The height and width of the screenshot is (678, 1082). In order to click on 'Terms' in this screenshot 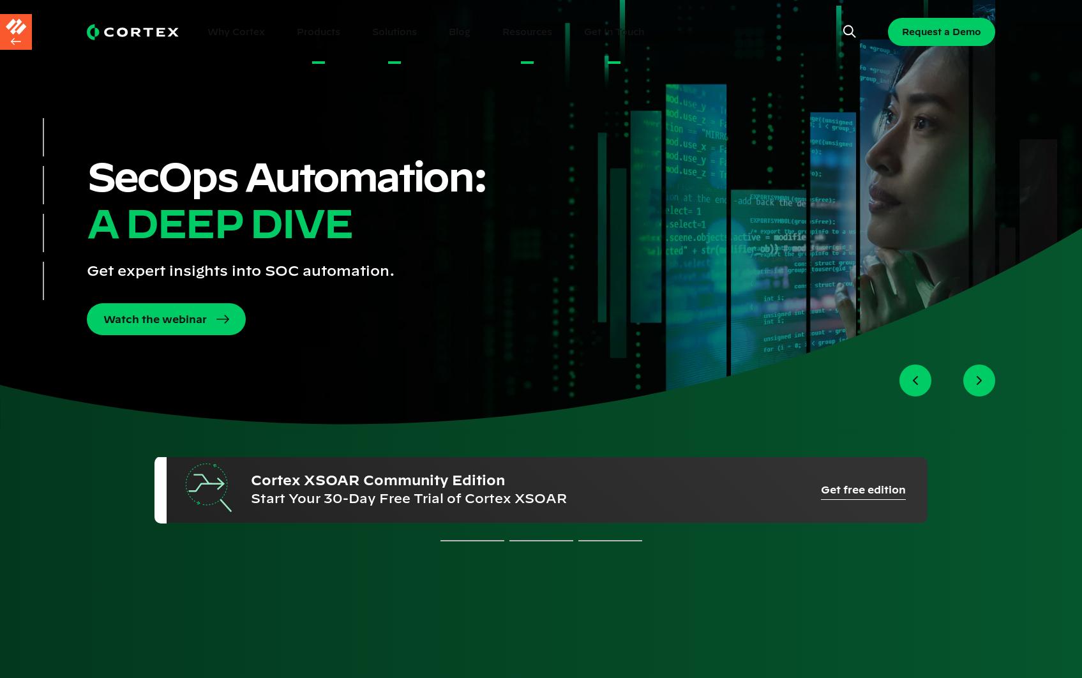, I will do `click(291, 524)`.